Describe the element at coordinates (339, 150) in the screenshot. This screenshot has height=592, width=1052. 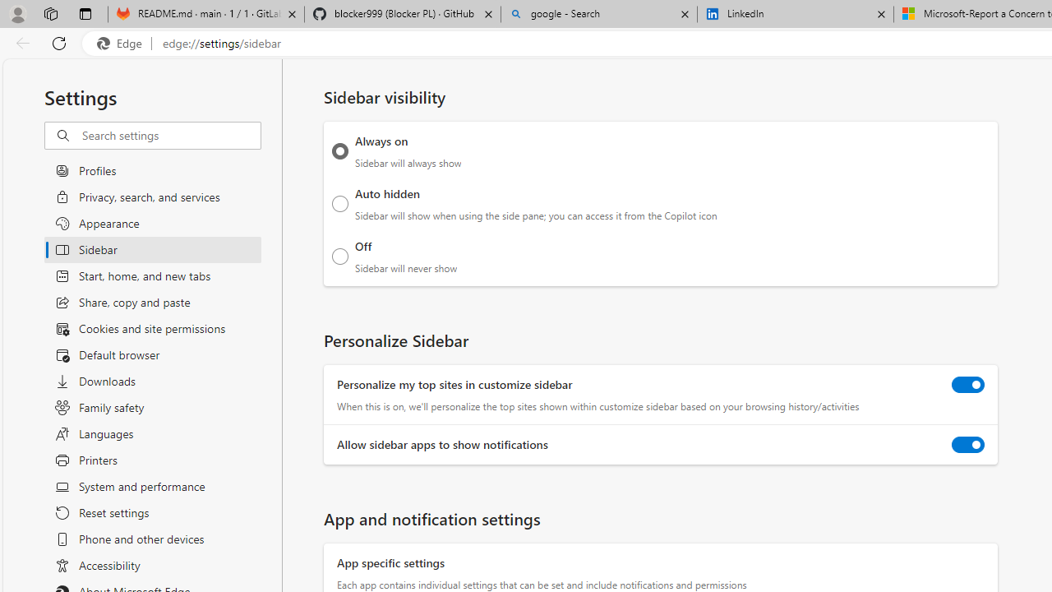
I see `'Always on Sidebar will always show'` at that location.